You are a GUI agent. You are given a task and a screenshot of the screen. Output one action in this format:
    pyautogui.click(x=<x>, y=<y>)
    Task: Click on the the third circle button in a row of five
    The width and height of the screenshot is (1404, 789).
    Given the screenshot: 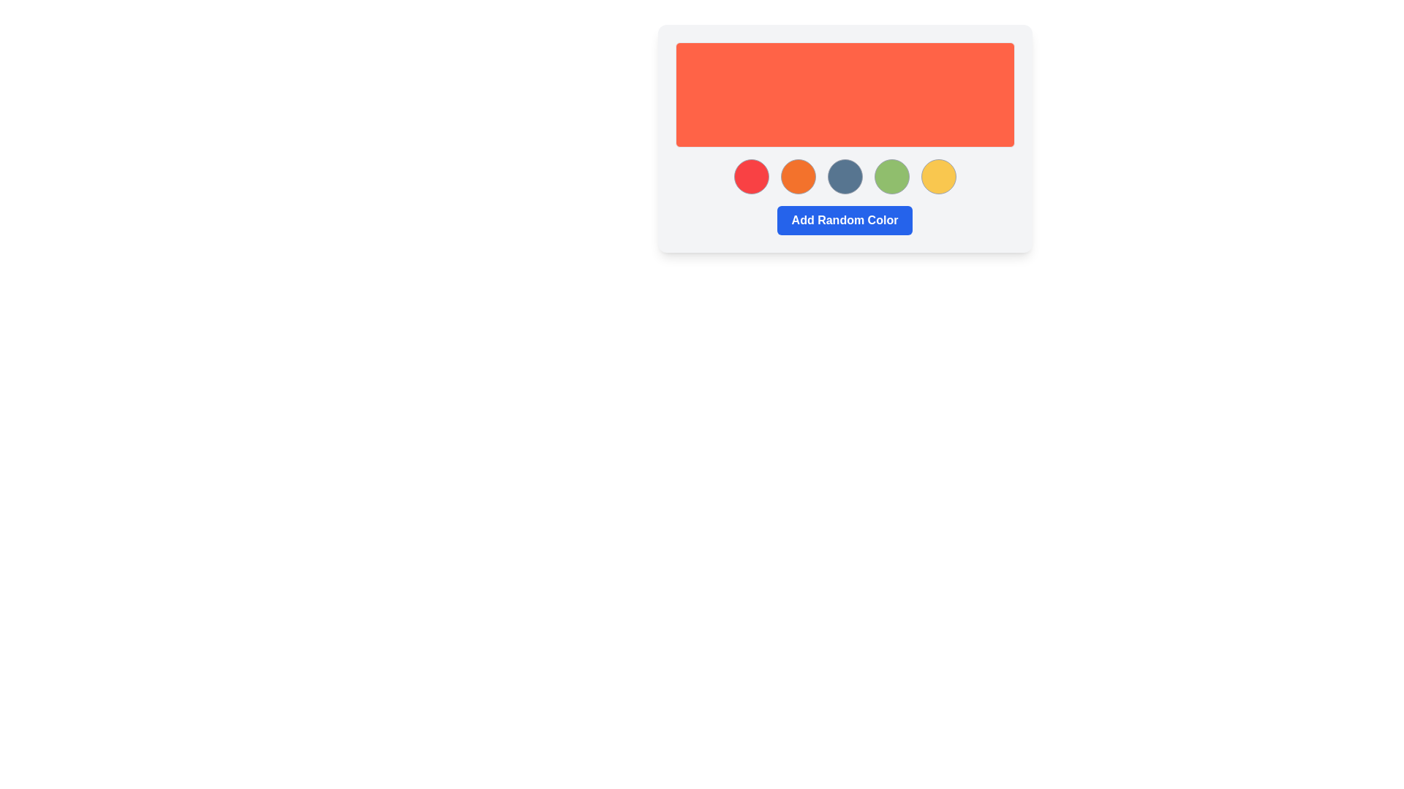 What is the action you would take?
    pyautogui.click(x=845, y=176)
    